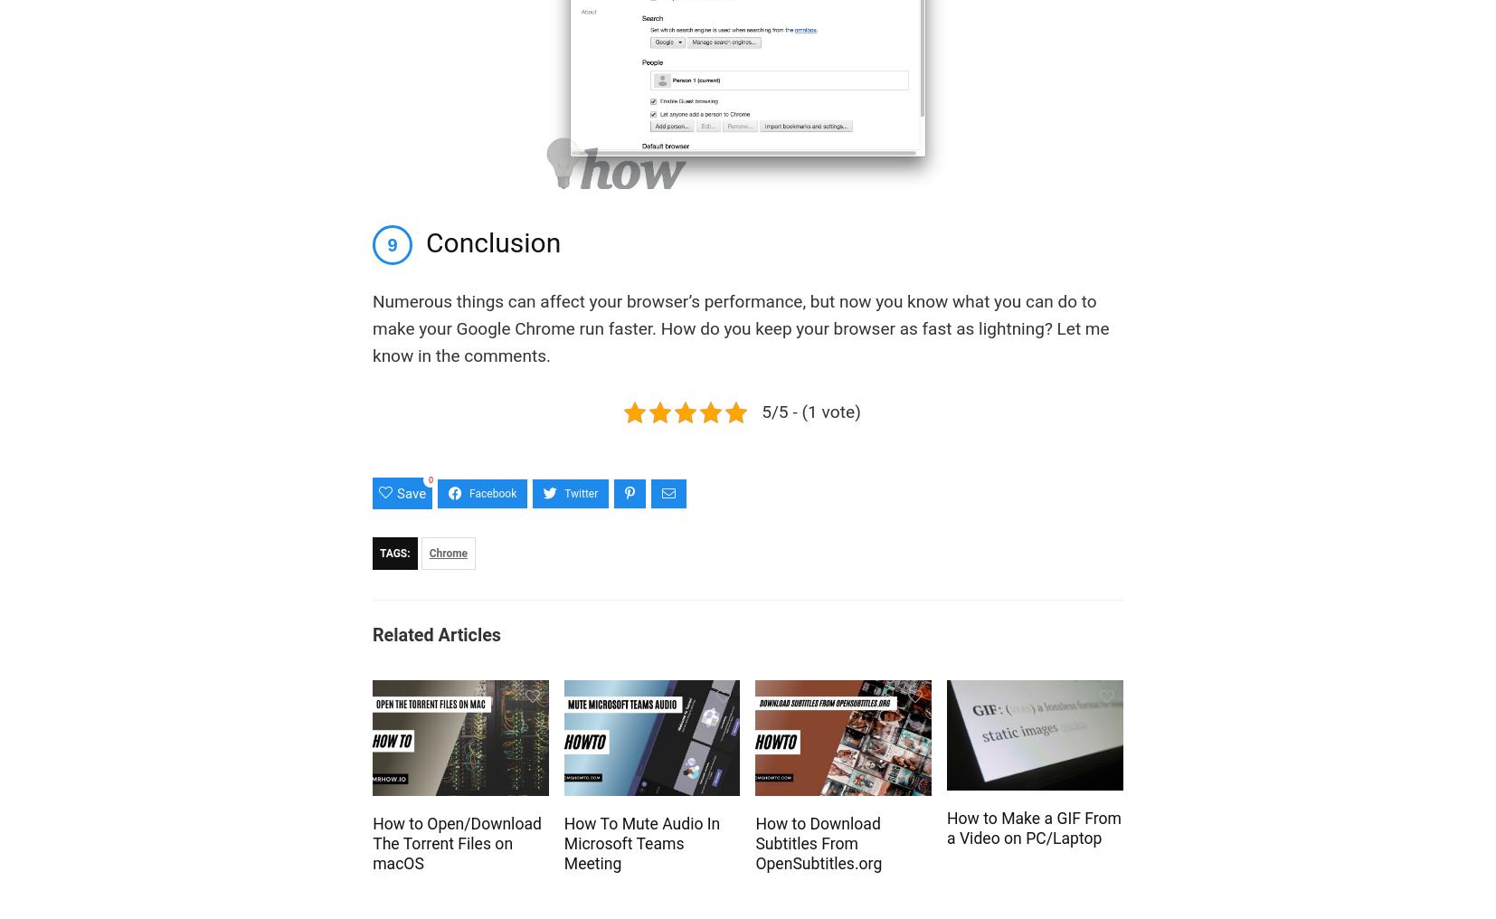  I want to click on 'Numerous things can affect your browser’s performance, but now you know what you can do to make your Google Chrome run faster. How do you keep your browser as fast as lightning? Let me know in the comments.', so click(372, 328).